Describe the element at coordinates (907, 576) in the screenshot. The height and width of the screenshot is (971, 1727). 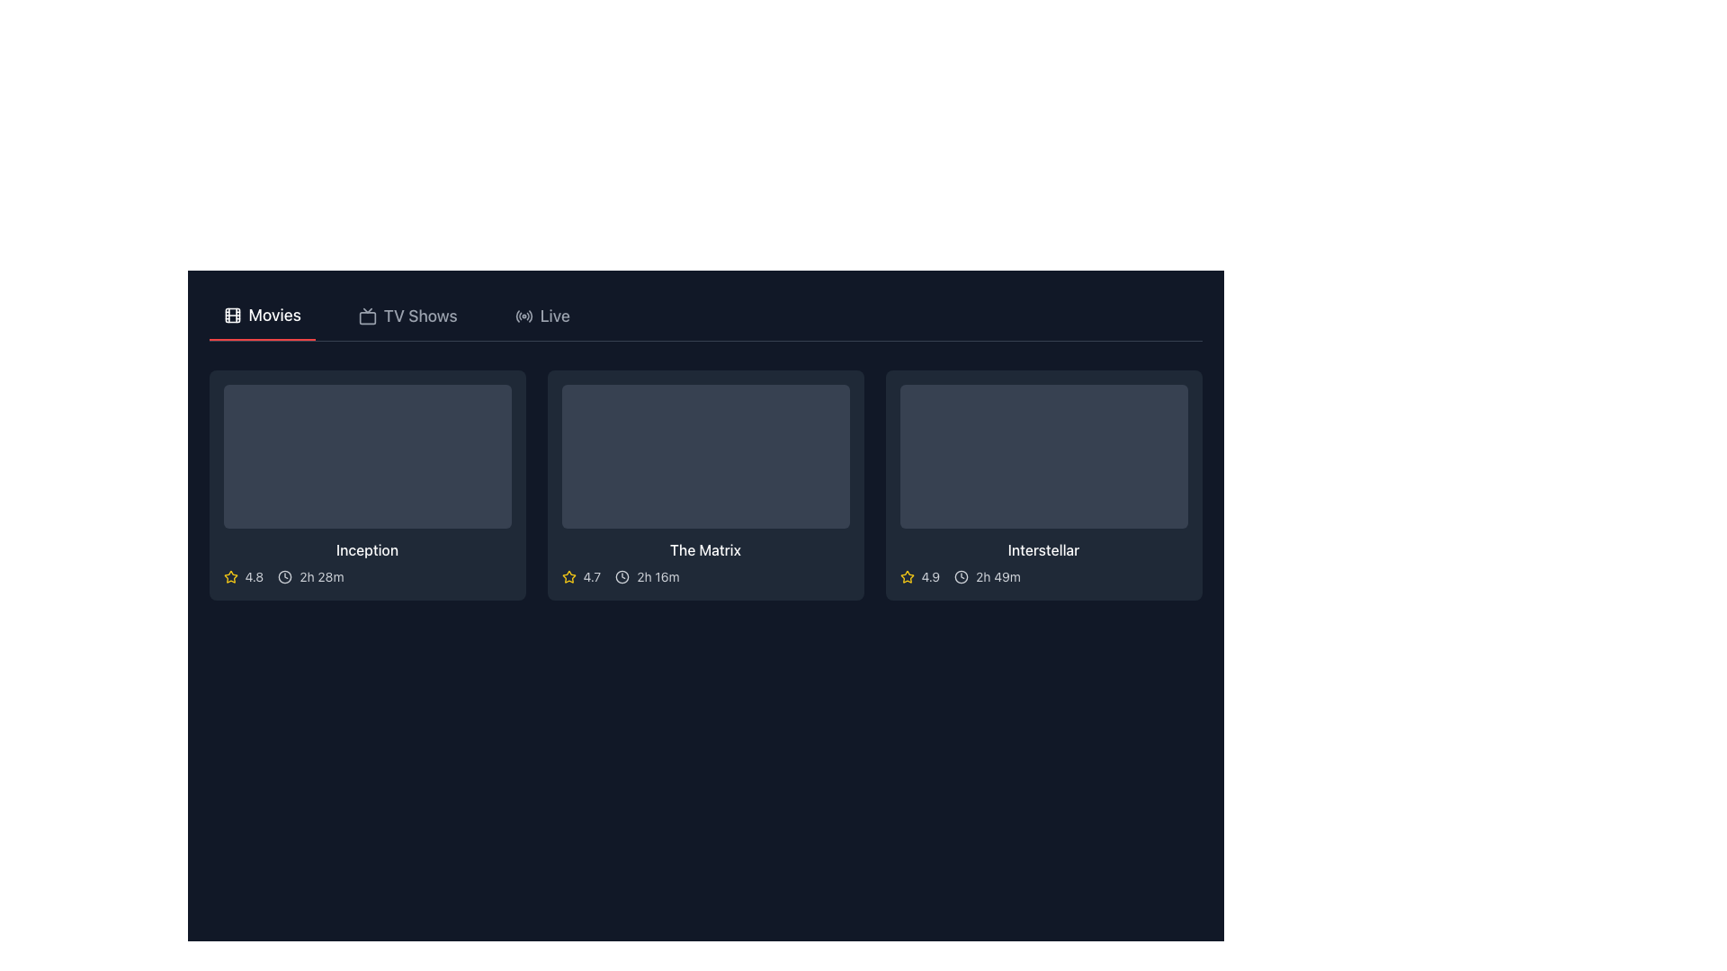
I see `the star-shaped rating icon for the movie 'Interstellar', which is yellow filled and outlined with a darker color` at that location.